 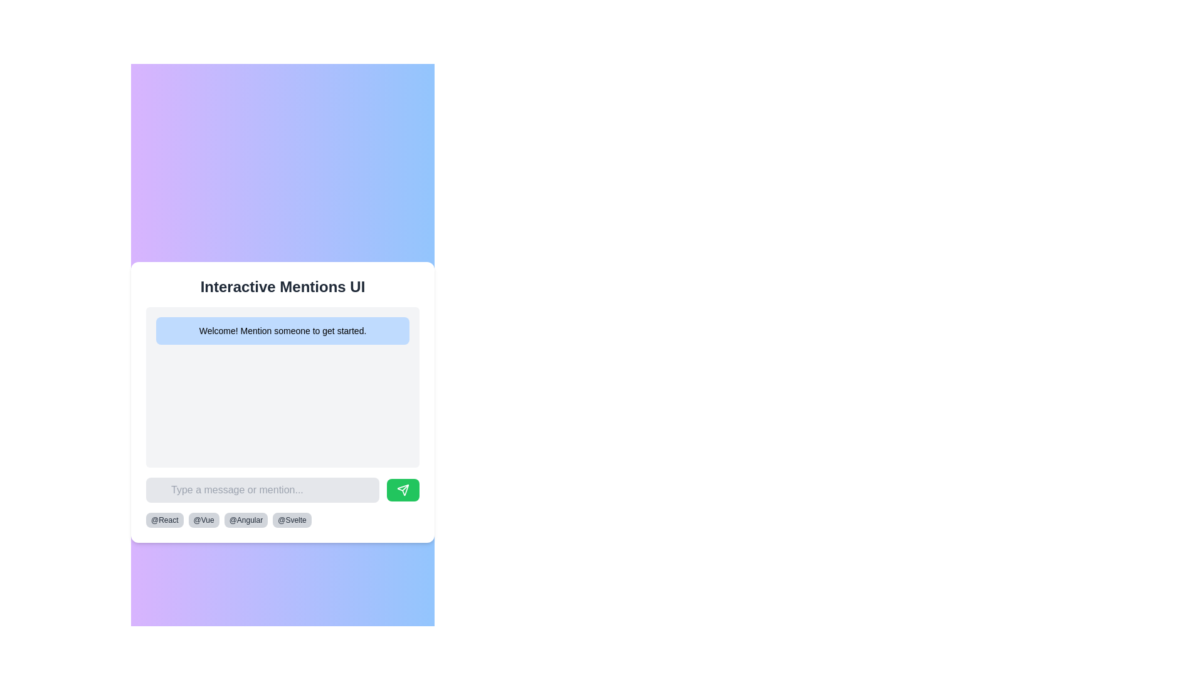 I want to click on the paper plane icon within the green button, so click(x=403, y=490).